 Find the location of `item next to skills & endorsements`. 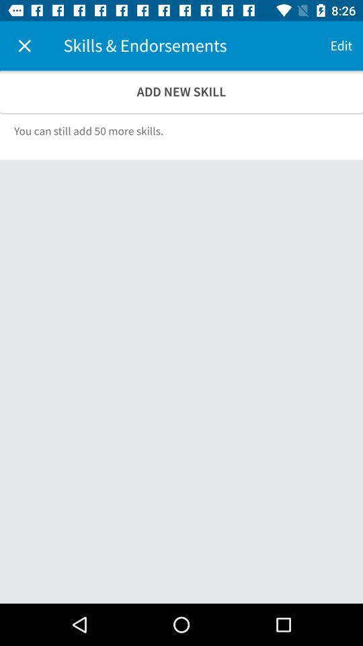

item next to skills & endorsements is located at coordinates (24, 46).